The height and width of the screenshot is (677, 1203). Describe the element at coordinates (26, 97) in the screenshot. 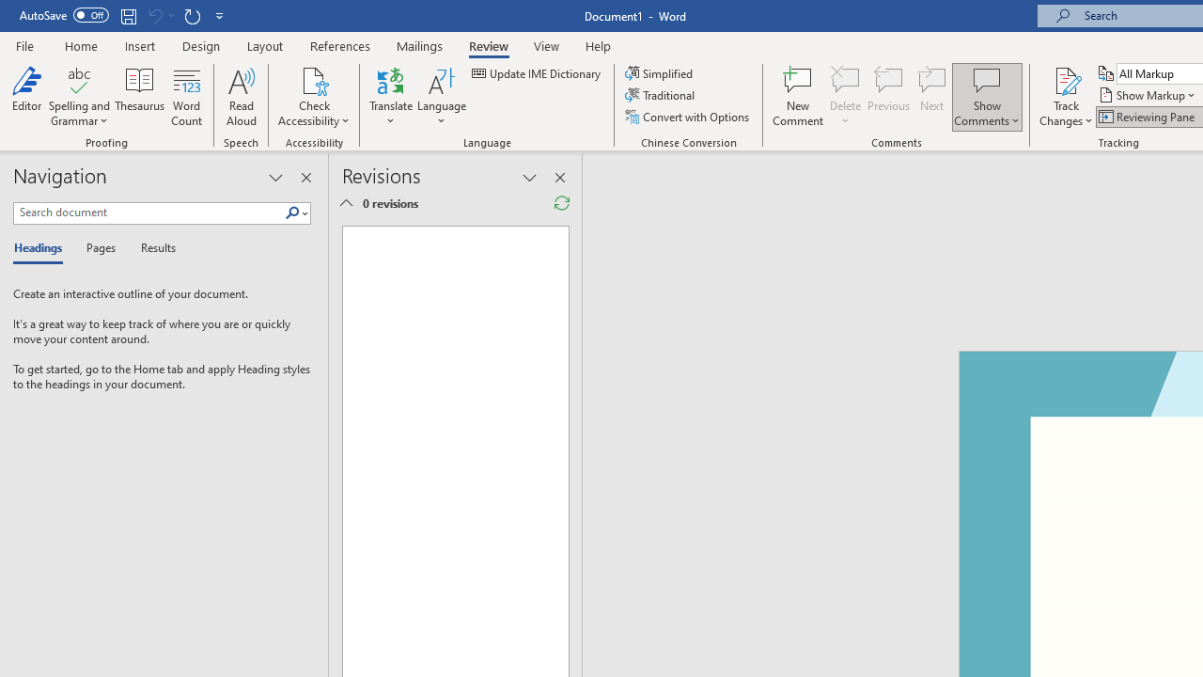

I see `'Editor'` at that location.